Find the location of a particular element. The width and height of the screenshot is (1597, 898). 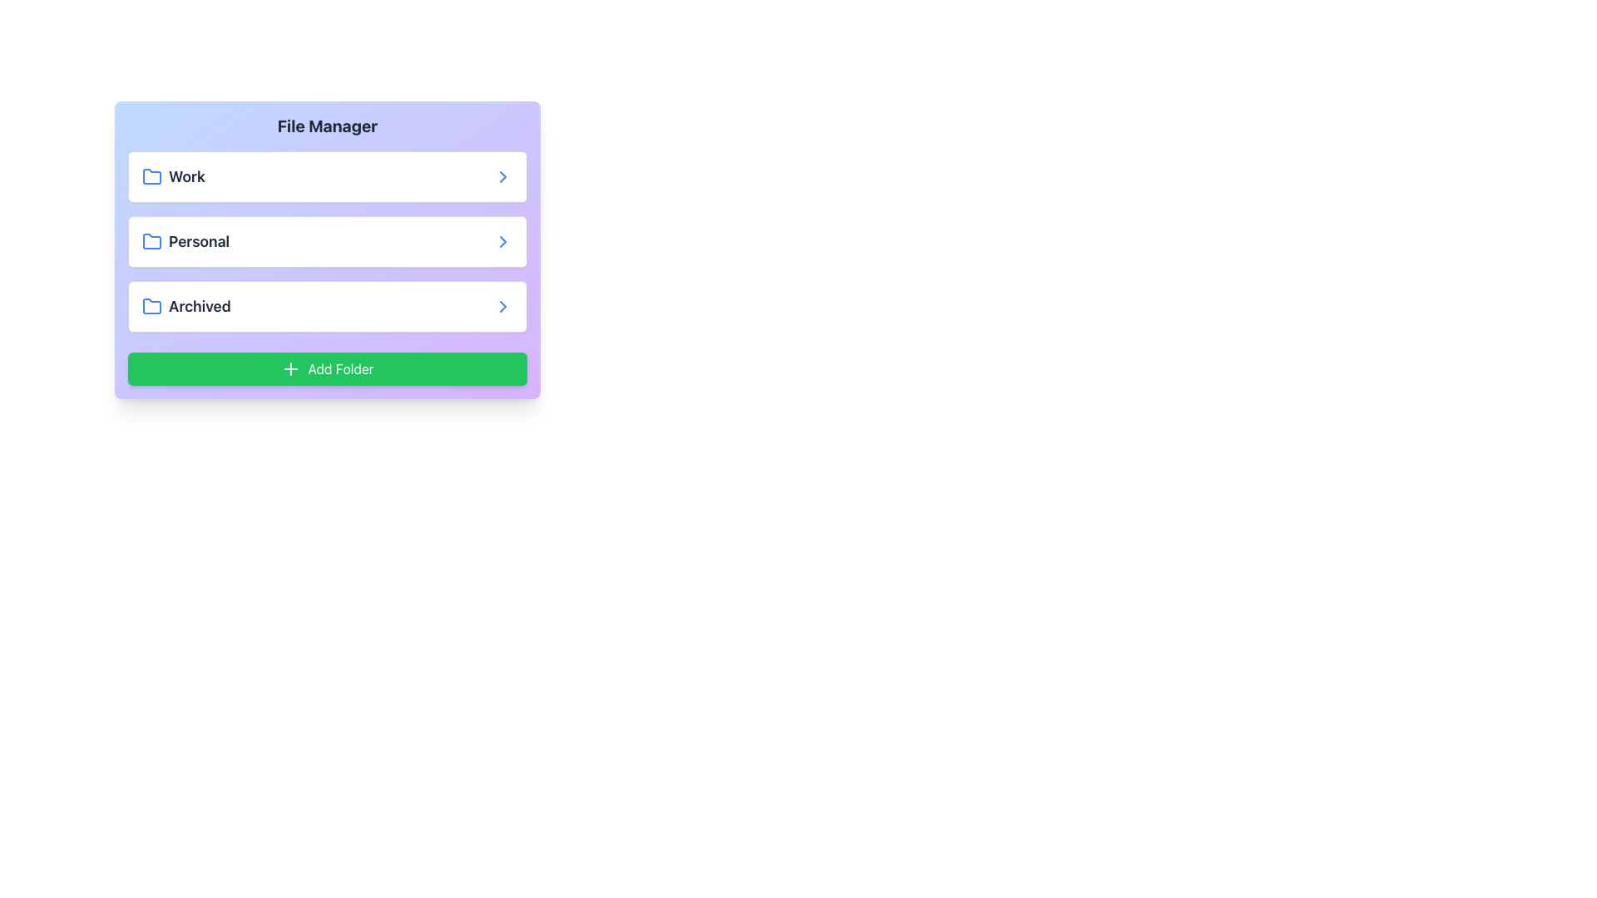

the blue chevron icon button located at the bottom right corner of the 'Archived' row in the vertically stacked list is located at coordinates (502, 307).